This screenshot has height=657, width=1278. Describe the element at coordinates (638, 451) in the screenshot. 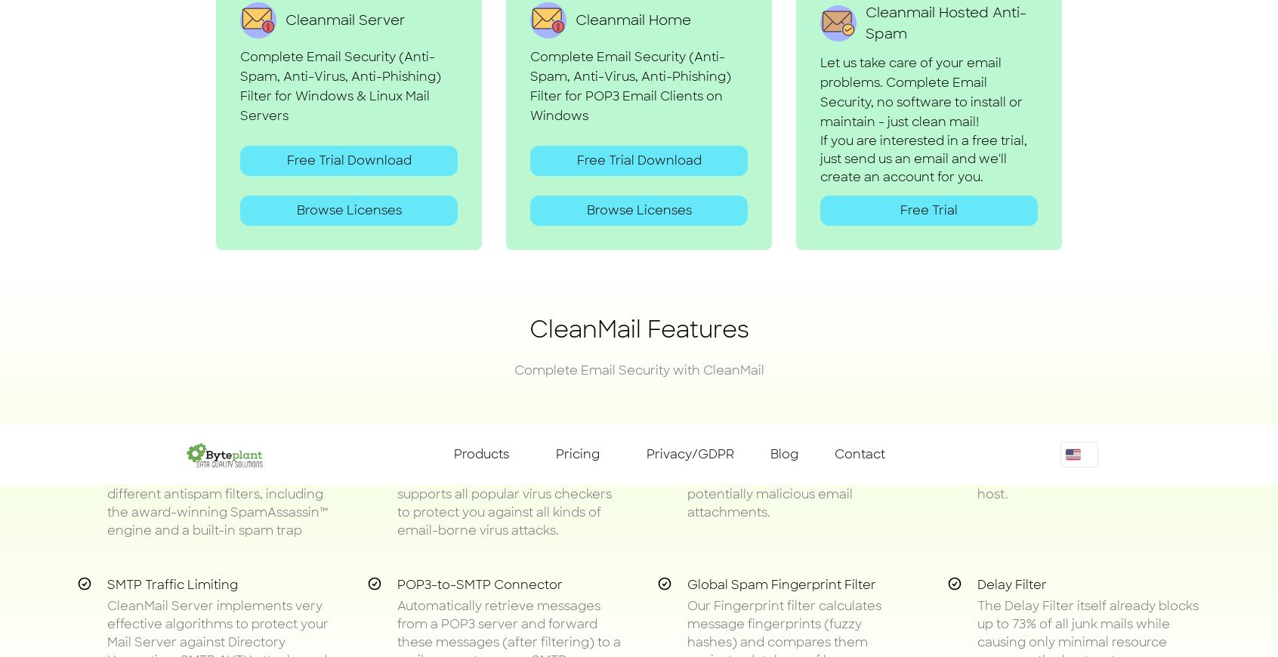

I see `'Frequently Asked Questions'` at that location.